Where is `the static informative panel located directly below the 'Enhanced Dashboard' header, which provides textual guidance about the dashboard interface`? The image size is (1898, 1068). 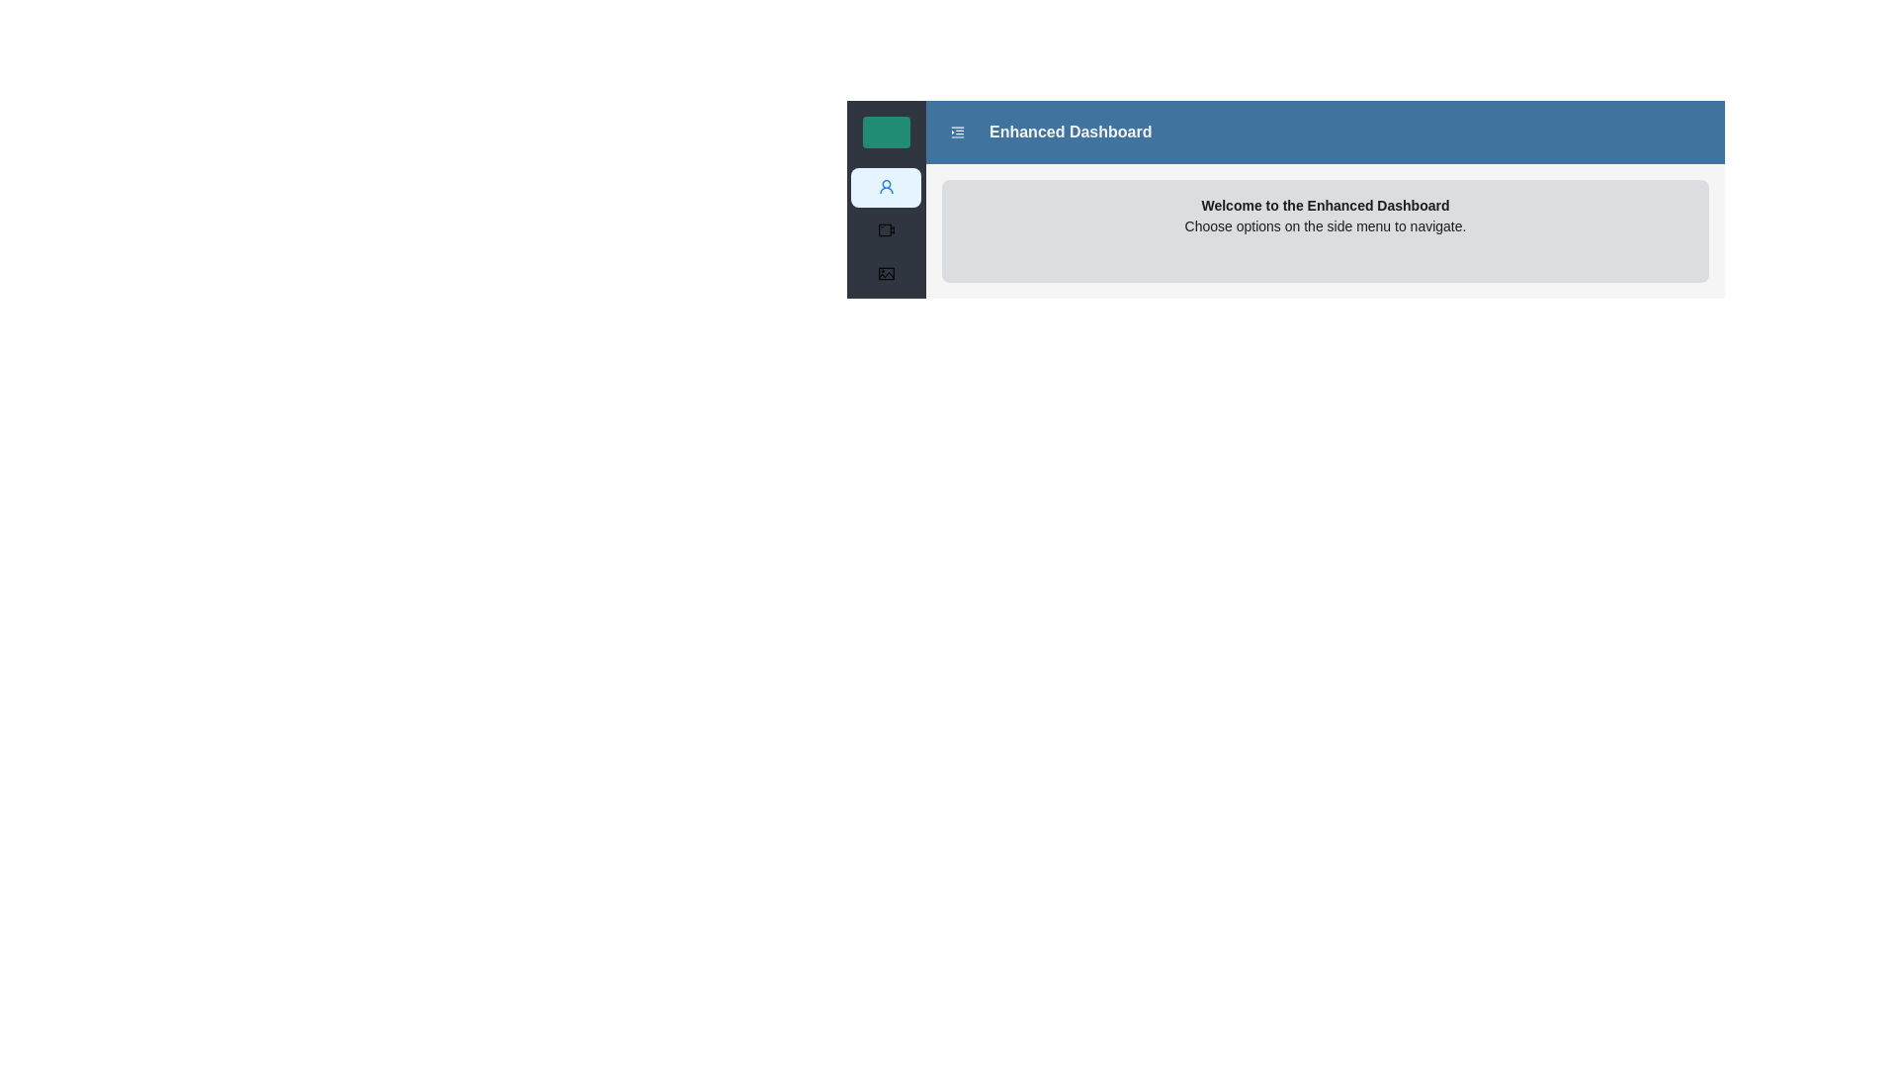 the static informative panel located directly below the 'Enhanced Dashboard' header, which provides textual guidance about the dashboard interface is located at coordinates (1325, 199).